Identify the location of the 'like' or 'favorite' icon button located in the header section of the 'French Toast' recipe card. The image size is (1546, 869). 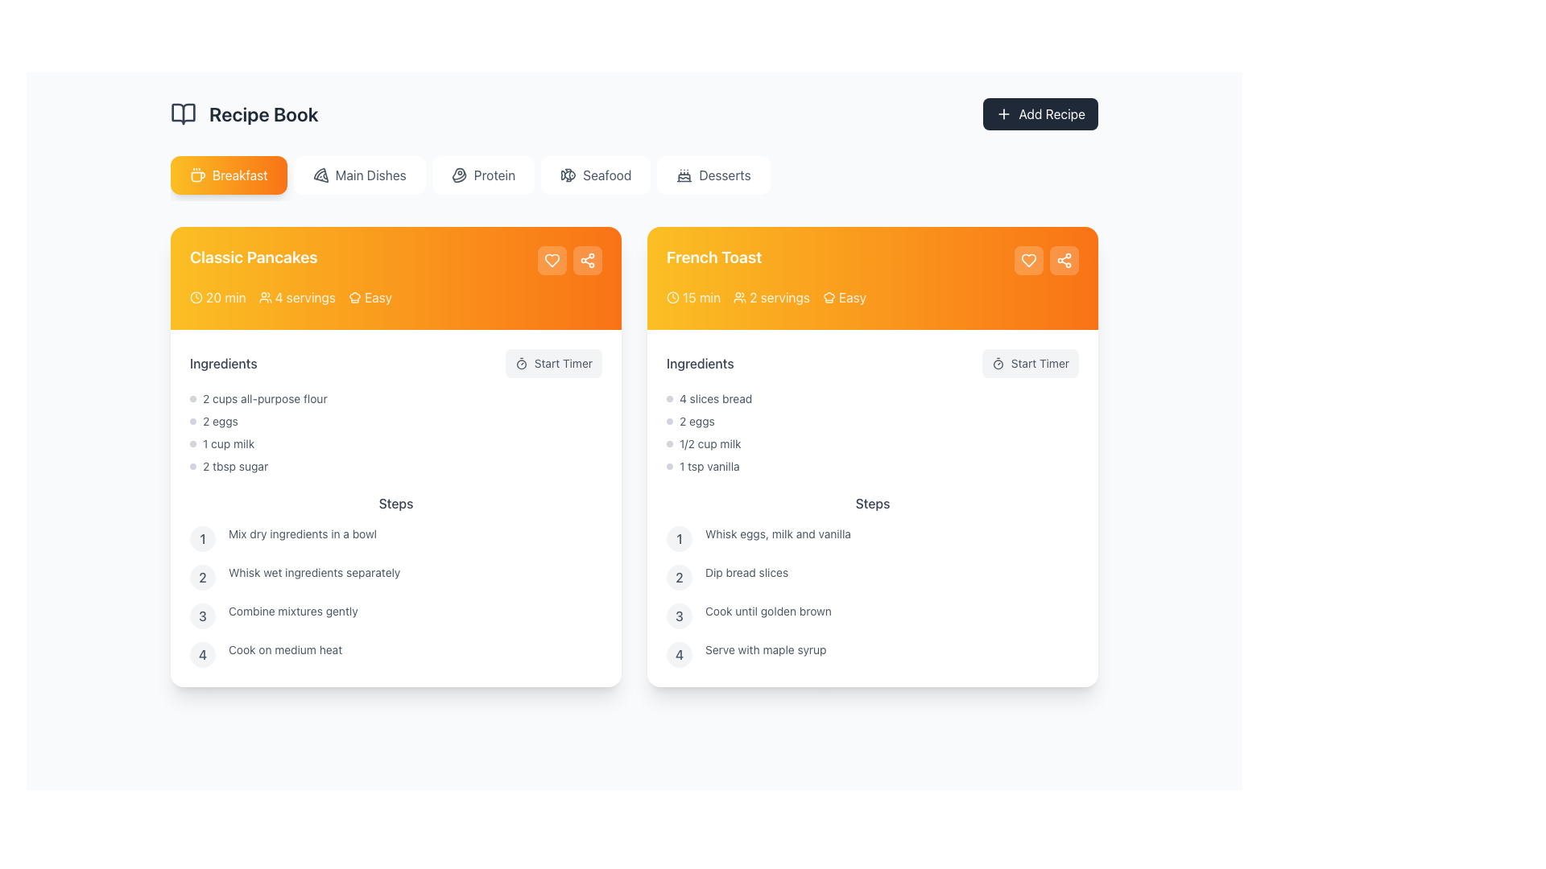
(1027, 260).